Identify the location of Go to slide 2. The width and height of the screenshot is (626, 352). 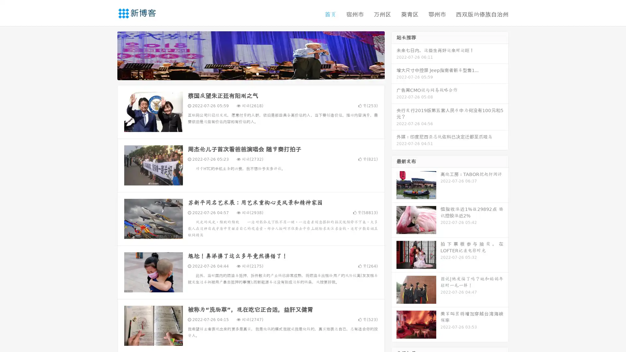
(250, 73).